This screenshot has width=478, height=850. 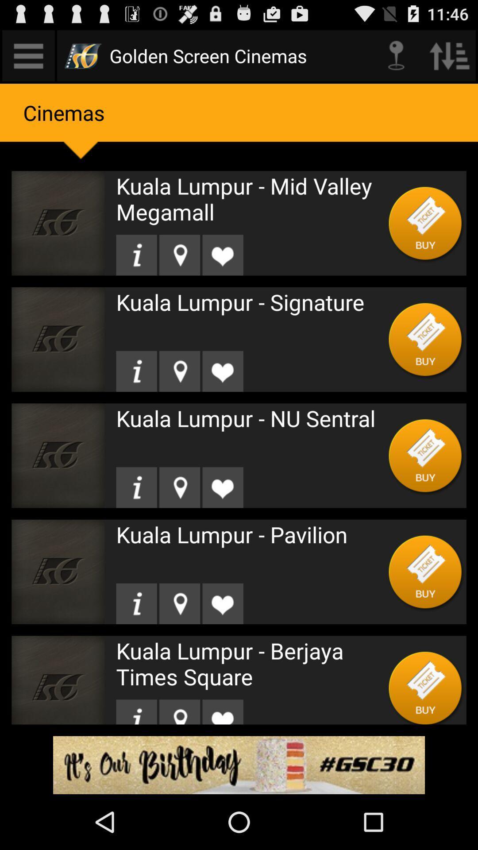 What do you see at coordinates (222, 255) in the screenshot?
I see `like button` at bounding box center [222, 255].